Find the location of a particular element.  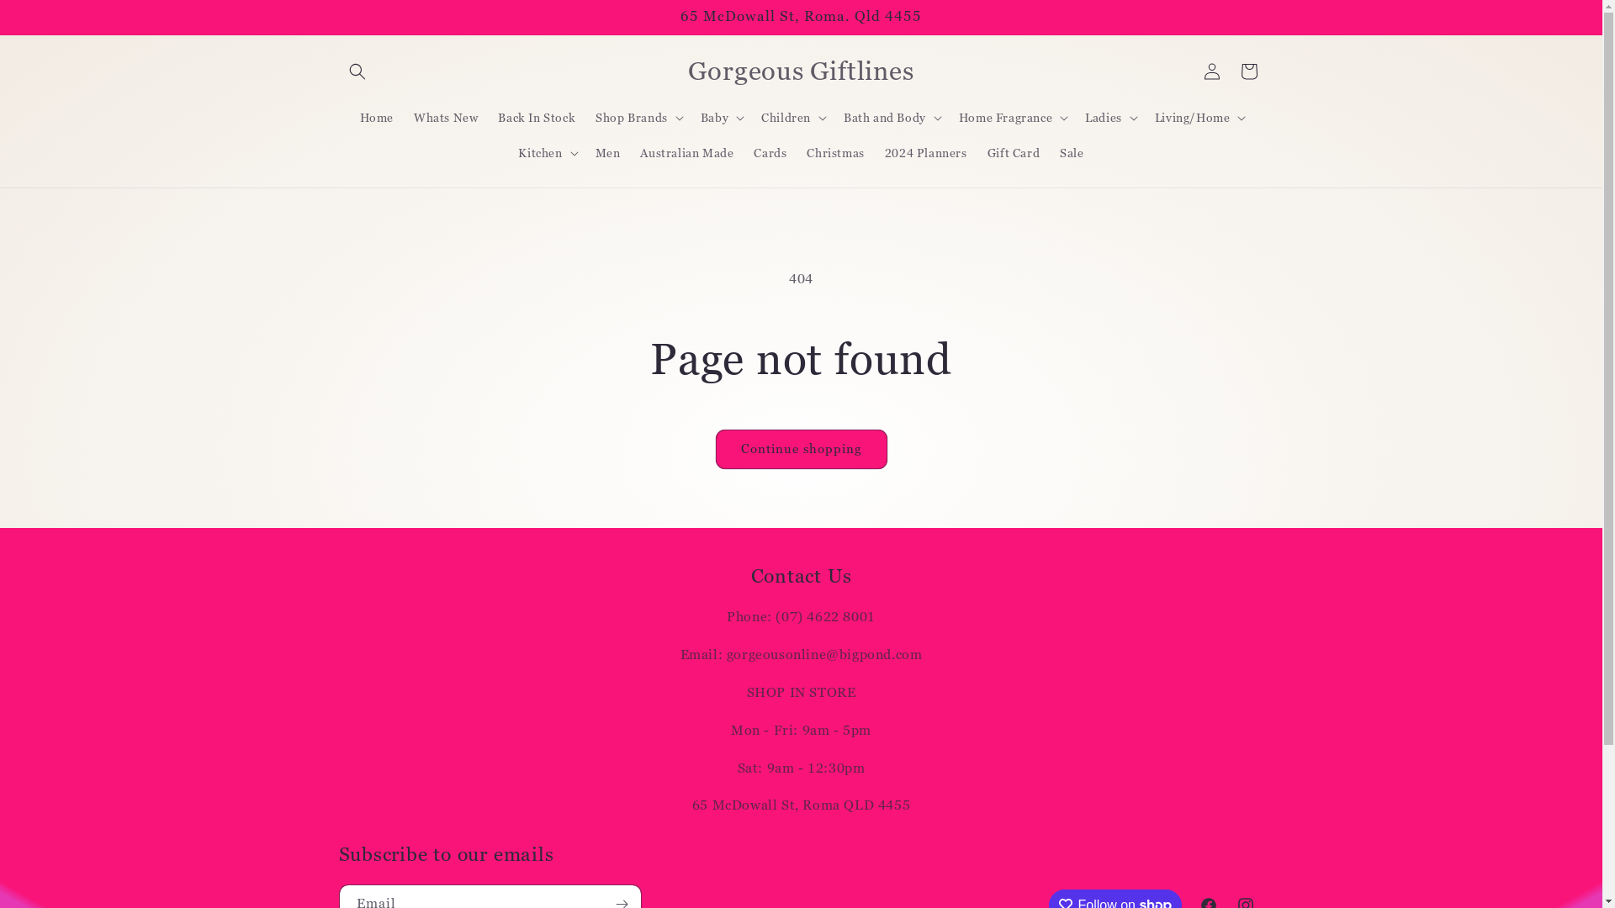

'Sale' is located at coordinates (1070, 152).